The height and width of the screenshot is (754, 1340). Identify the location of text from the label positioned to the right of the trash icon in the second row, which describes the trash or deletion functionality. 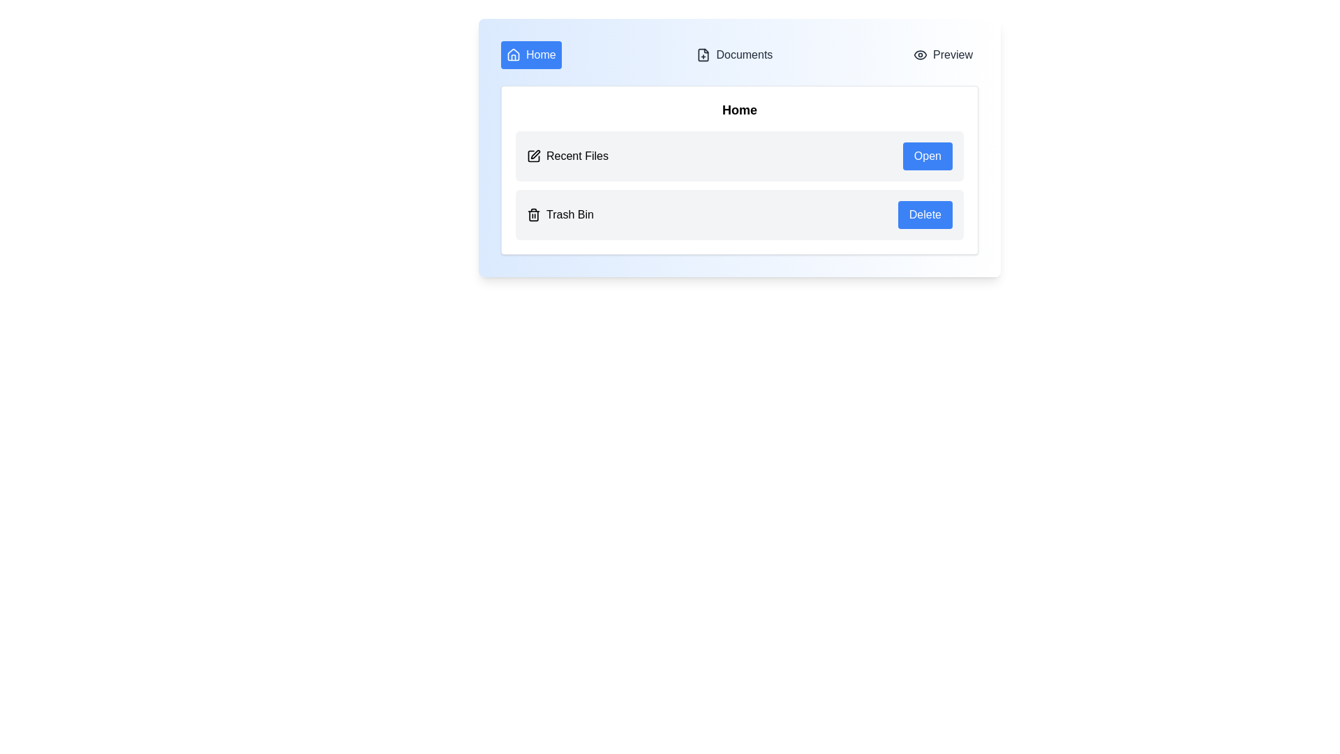
(569, 215).